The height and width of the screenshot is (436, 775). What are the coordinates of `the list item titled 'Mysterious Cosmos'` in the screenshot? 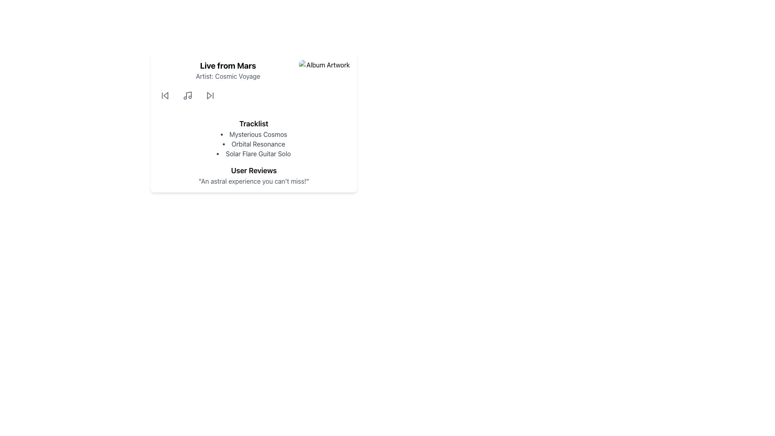 It's located at (253, 134).